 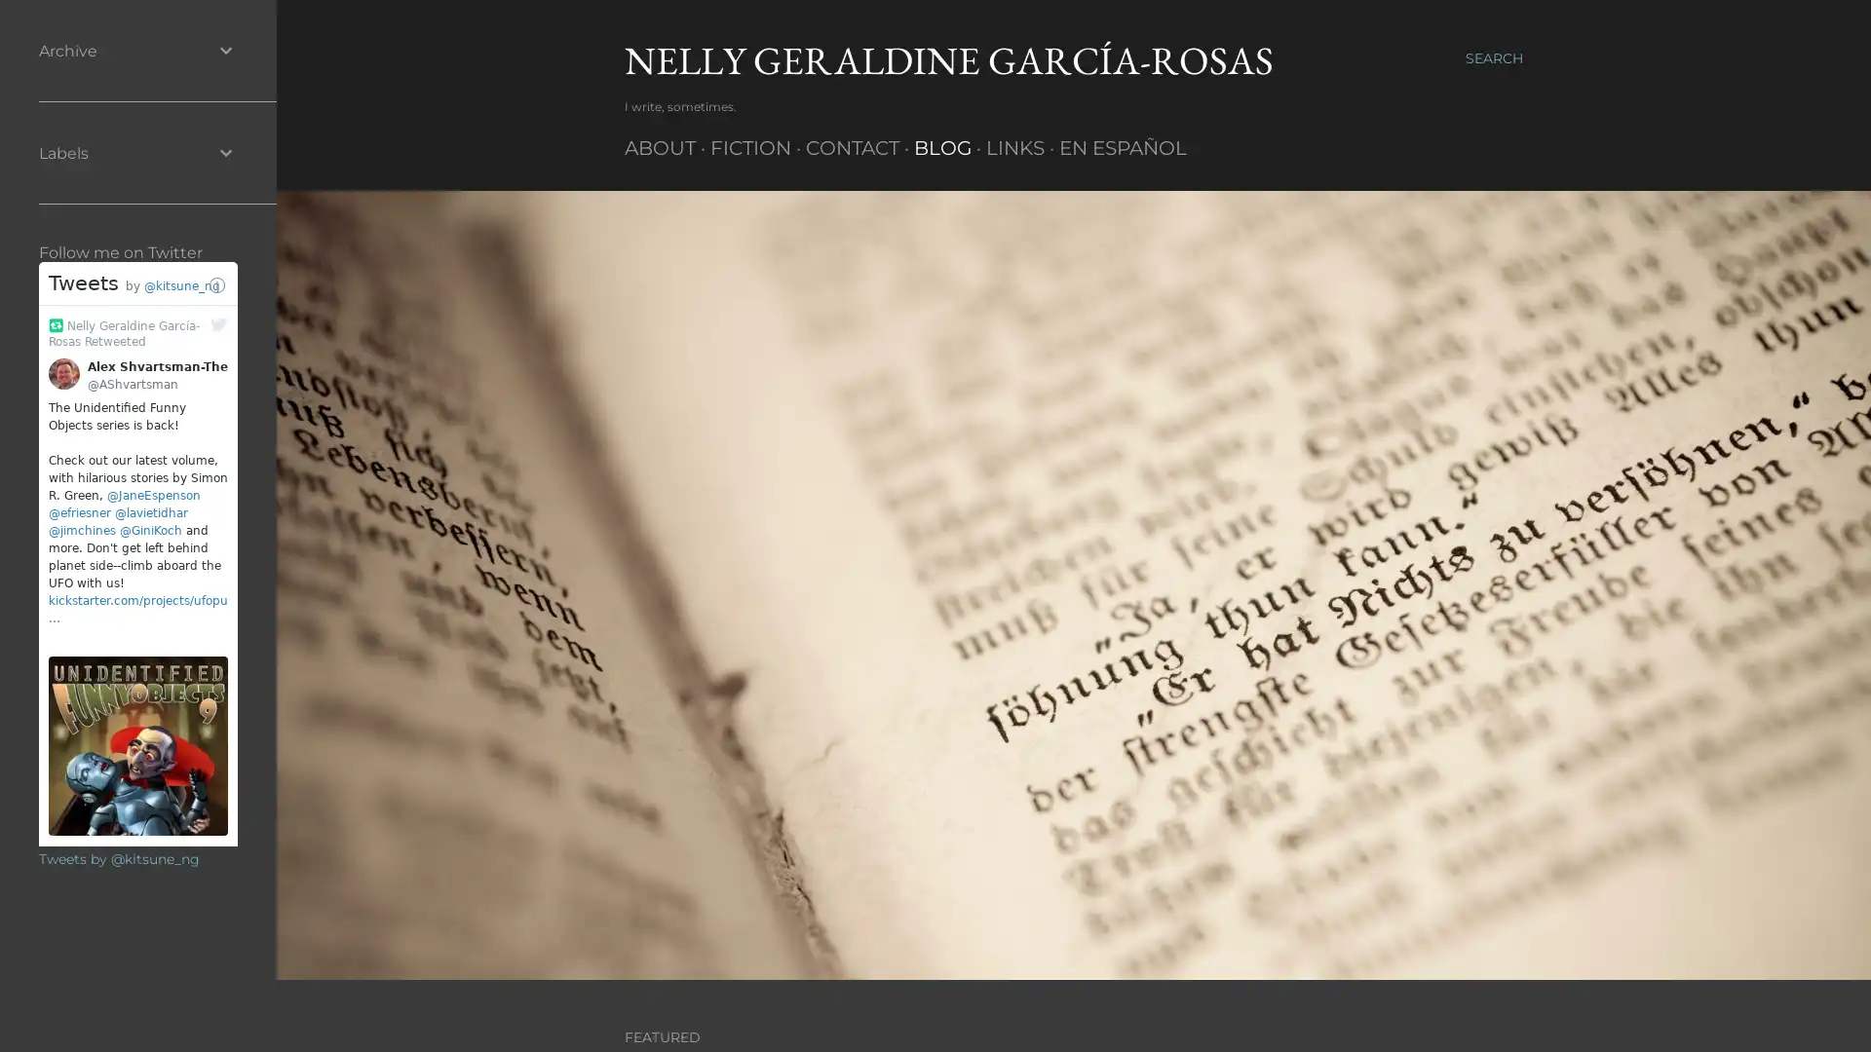 I want to click on Search, so click(x=1493, y=57).